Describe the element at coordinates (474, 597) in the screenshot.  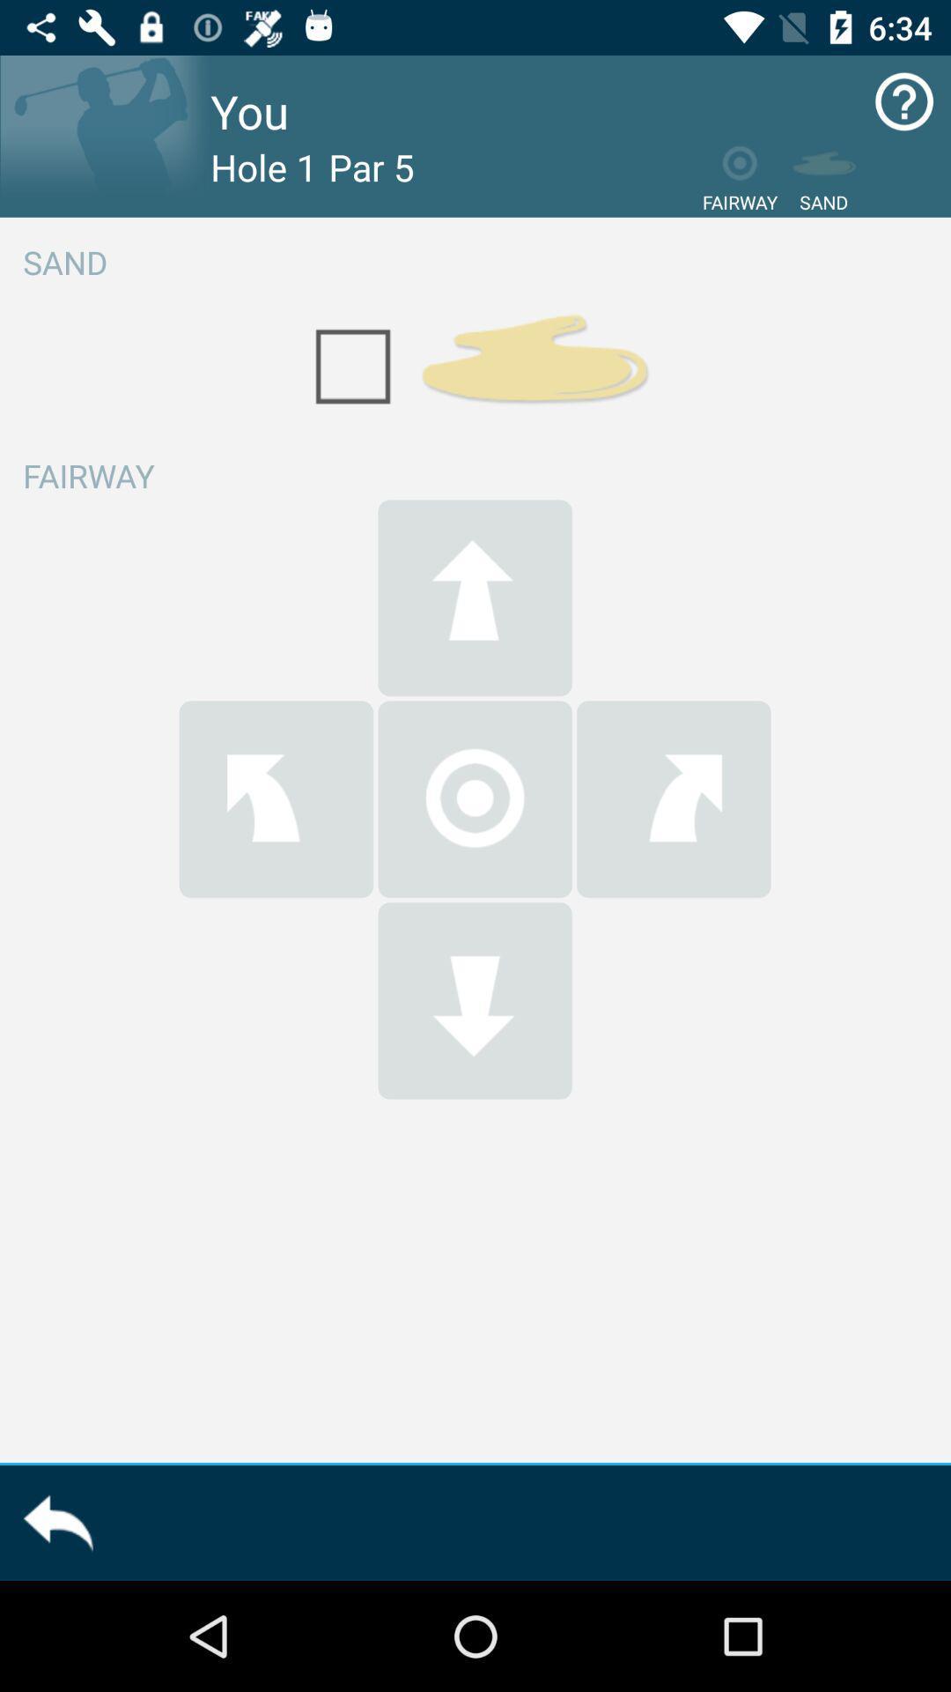
I see `move forward` at that location.